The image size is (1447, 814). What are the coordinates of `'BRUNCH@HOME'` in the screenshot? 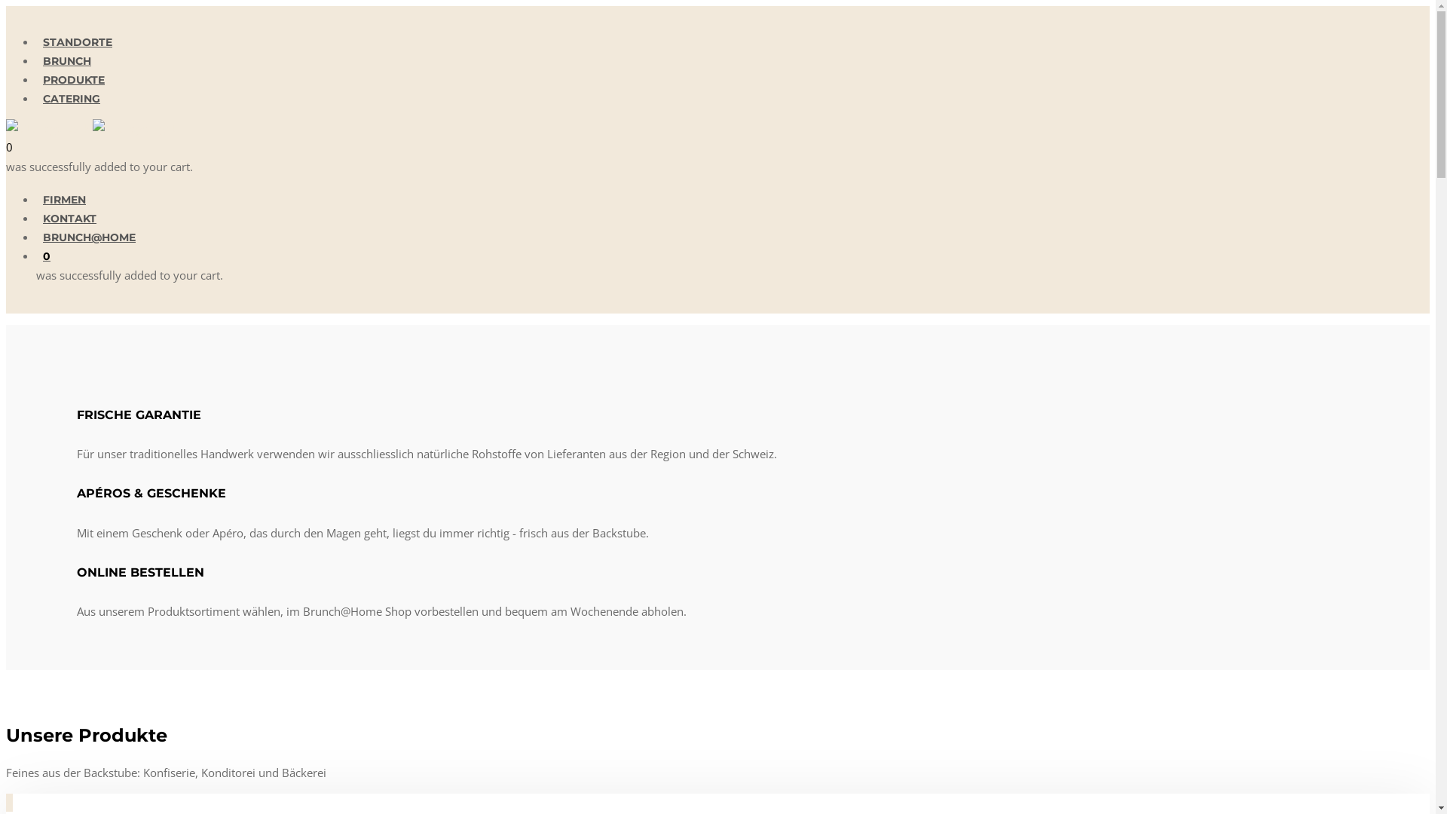 It's located at (88, 237).